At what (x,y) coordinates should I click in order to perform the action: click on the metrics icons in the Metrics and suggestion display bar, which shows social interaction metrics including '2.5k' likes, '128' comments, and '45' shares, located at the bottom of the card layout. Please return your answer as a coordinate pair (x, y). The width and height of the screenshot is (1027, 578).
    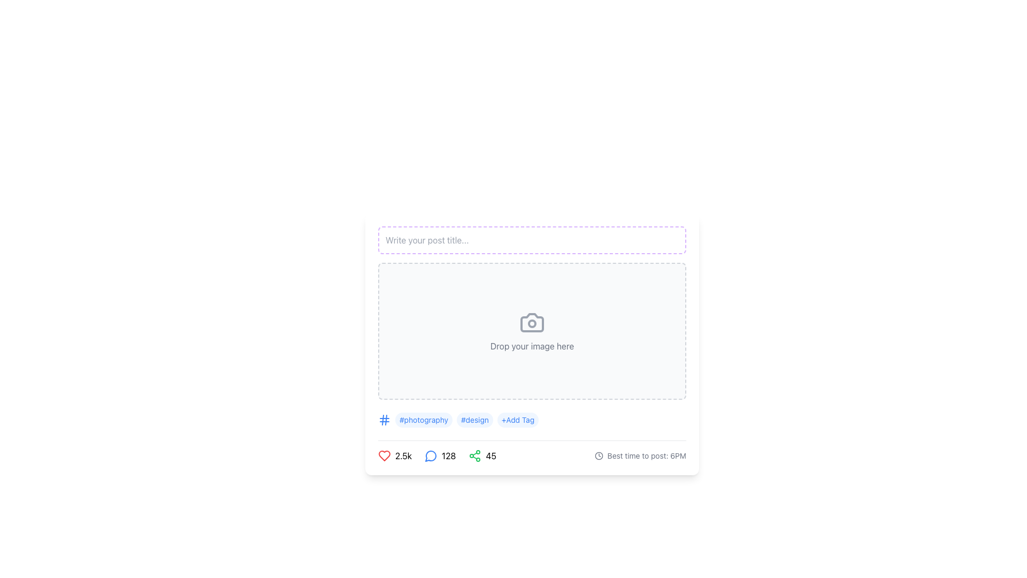
    Looking at the image, I should click on (532, 451).